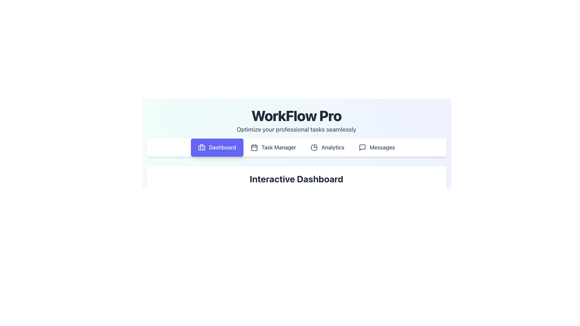 This screenshot has height=326, width=580. Describe the element at coordinates (254, 148) in the screenshot. I see `the minimalistic square-shaped icon with rounded corners located within the calendar symbol, positioned between the 'Dashboard' button and the 'Analytics' button` at that location.